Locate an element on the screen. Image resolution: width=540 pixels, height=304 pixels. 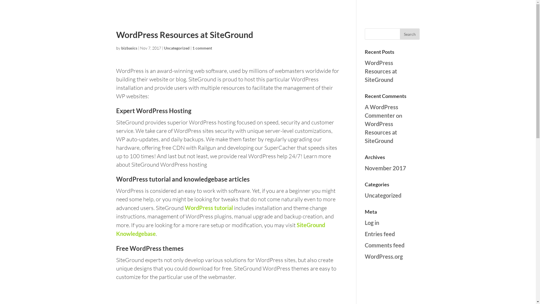
'WordPress.org' is located at coordinates (364, 256).